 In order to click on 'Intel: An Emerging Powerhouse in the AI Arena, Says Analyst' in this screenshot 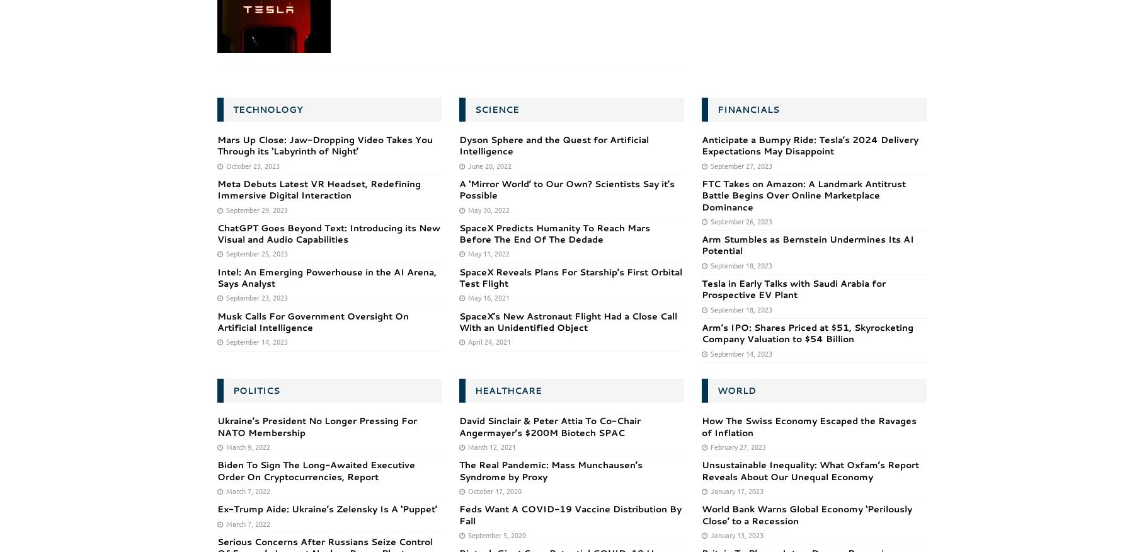, I will do `click(326, 277)`.